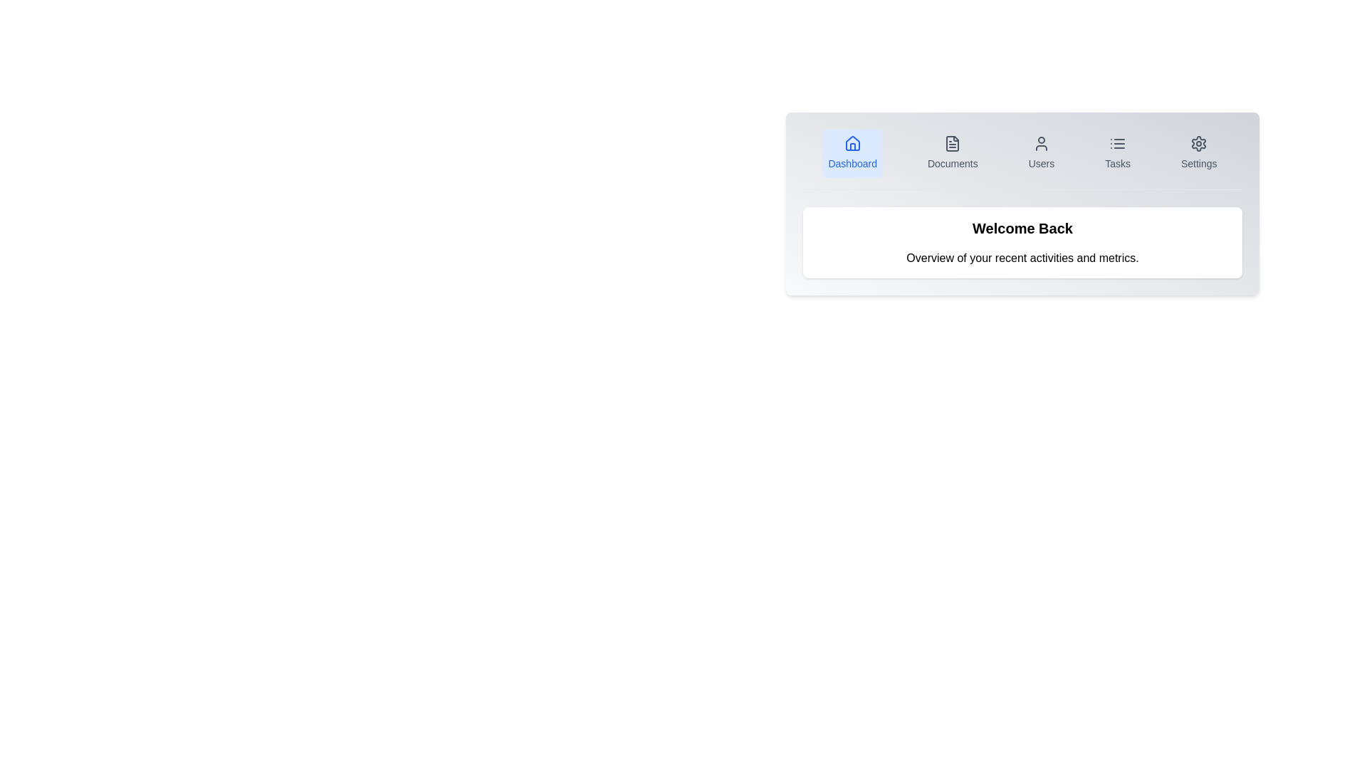 The height and width of the screenshot is (769, 1367). I want to click on the 'Users' text label located in the third navigation option of the horizontal navigation bar, which is styled with a small font size and medium weight, so click(1041, 163).